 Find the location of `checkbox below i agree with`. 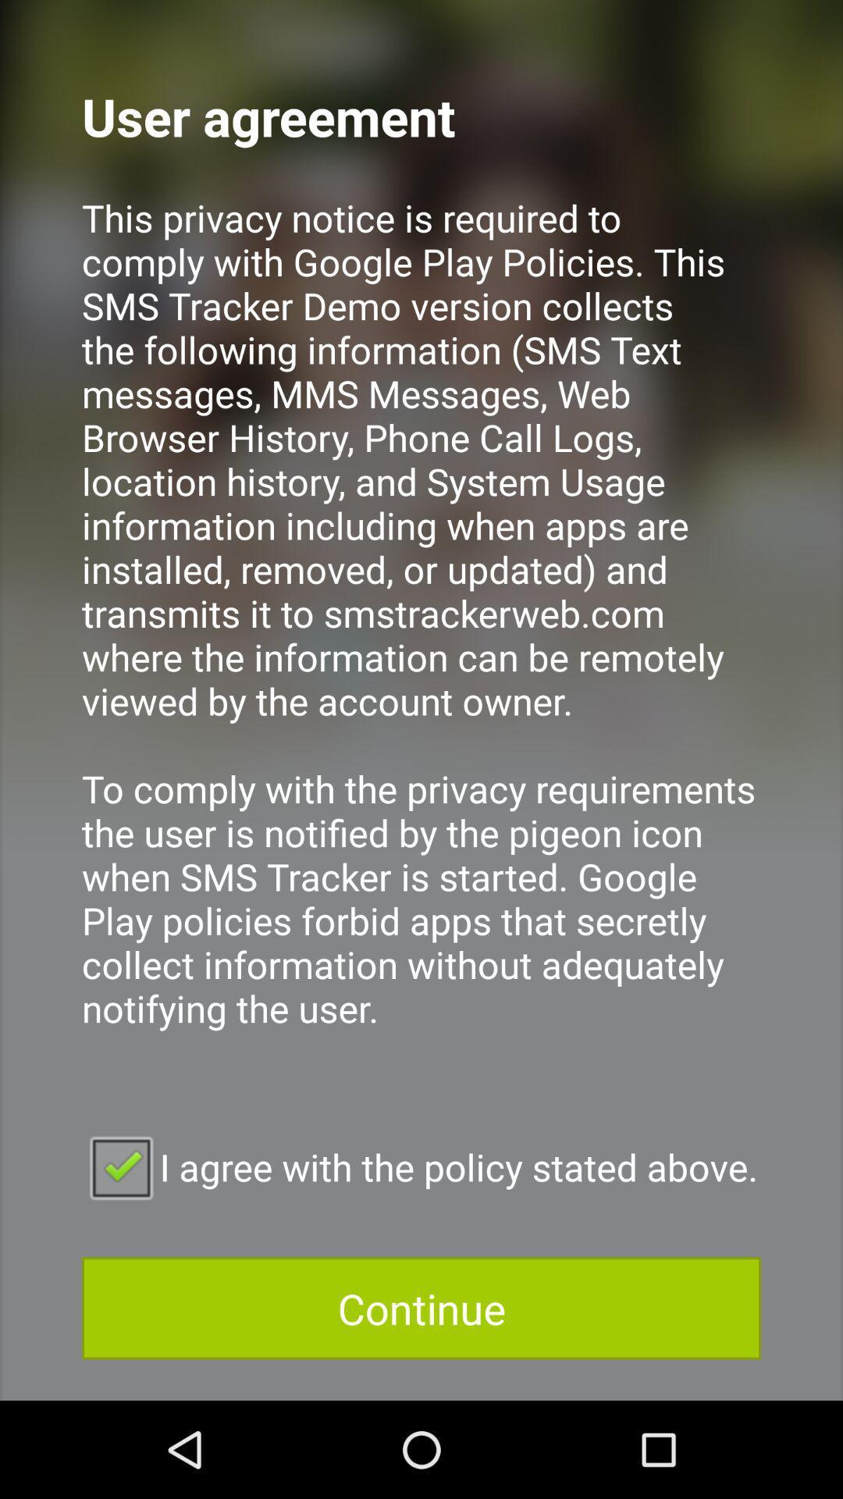

checkbox below i agree with is located at coordinates (421, 1308).